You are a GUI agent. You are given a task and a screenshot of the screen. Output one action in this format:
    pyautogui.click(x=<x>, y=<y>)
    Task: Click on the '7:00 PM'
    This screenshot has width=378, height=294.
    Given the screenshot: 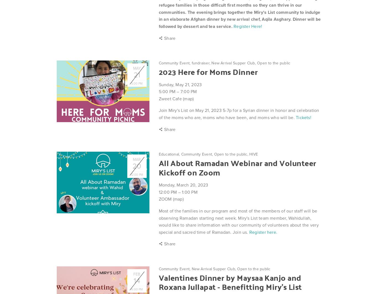 What is the action you would take?
    pyautogui.click(x=180, y=91)
    